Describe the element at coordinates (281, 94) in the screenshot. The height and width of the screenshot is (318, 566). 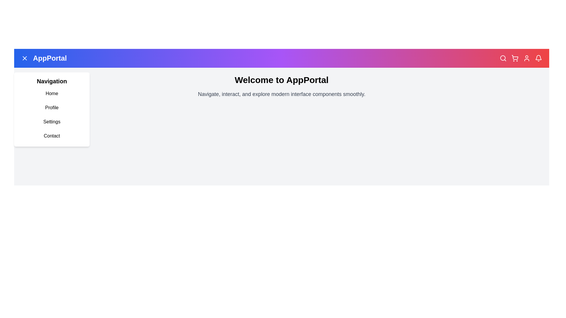
I see `text label located directly below the bold heading 'Welcome to AppPortal', which provides a concise description of the application's functionality` at that location.